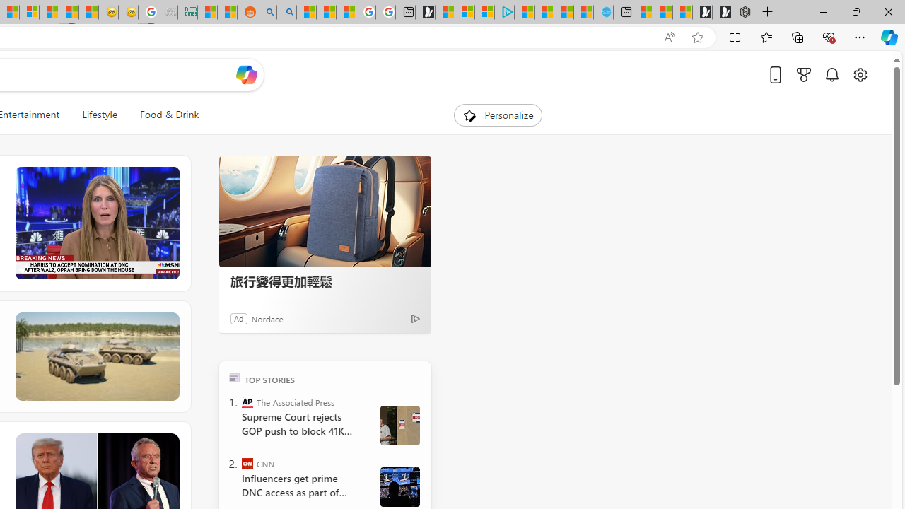 This screenshot has width=905, height=509. What do you see at coordinates (170, 115) in the screenshot?
I see `'Food & Drink'` at bounding box center [170, 115].